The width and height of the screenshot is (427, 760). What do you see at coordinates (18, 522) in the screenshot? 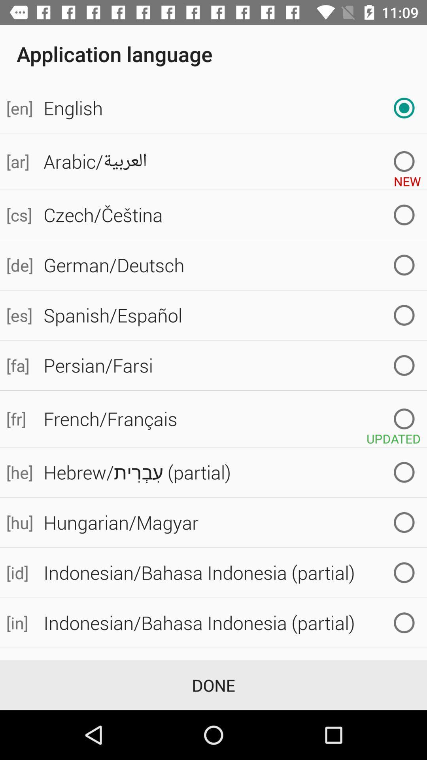
I see `icon to the left of hungarian/magyar icon` at bounding box center [18, 522].